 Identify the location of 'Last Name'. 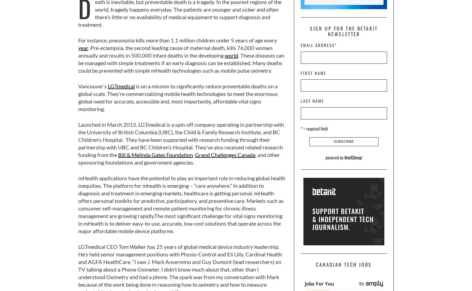
(312, 100).